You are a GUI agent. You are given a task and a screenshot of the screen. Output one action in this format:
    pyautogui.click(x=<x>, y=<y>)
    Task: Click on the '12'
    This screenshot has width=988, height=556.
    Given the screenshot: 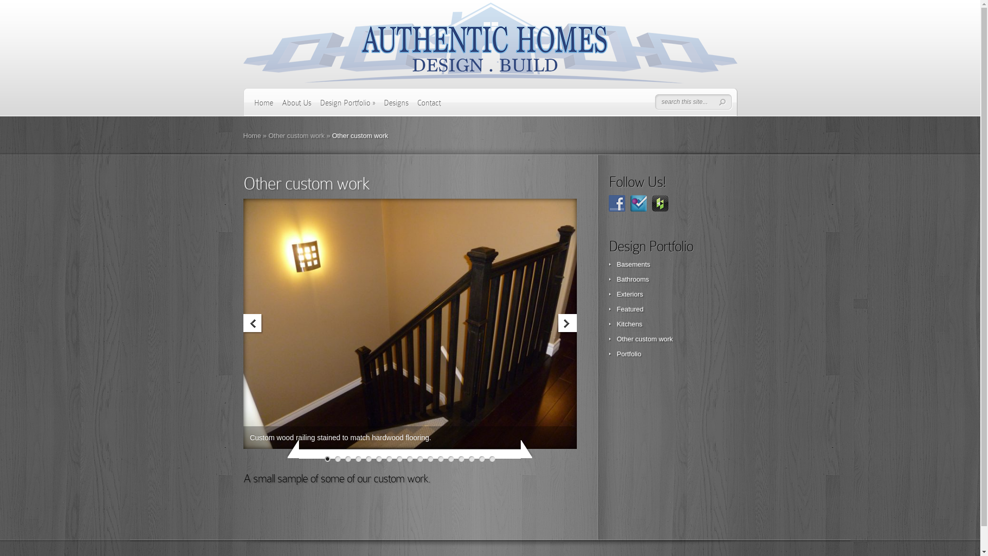 What is the action you would take?
    pyautogui.click(x=440, y=458)
    